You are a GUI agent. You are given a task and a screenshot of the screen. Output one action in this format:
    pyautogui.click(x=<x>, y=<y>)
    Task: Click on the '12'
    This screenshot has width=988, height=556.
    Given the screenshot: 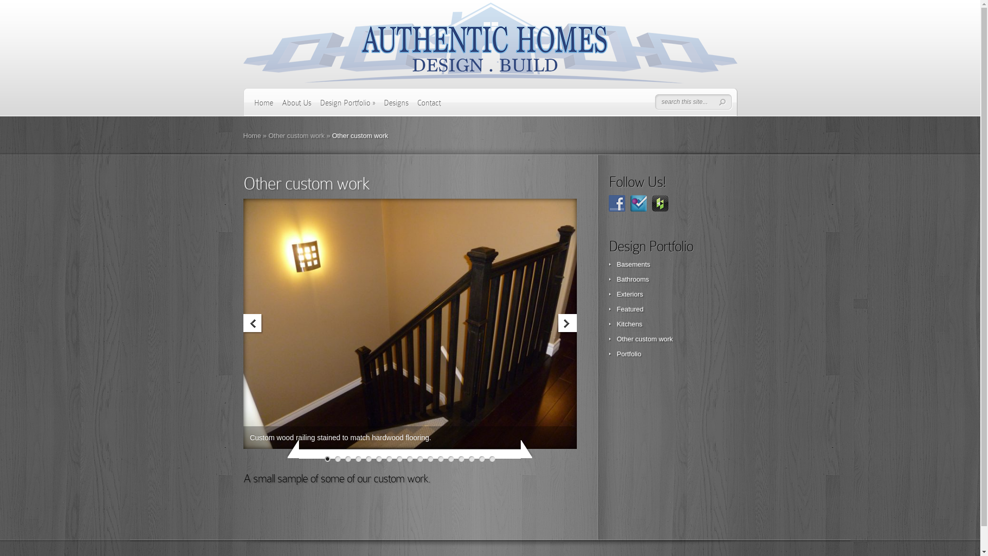 What is the action you would take?
    pyautogui.click(x=440, y=458)
    